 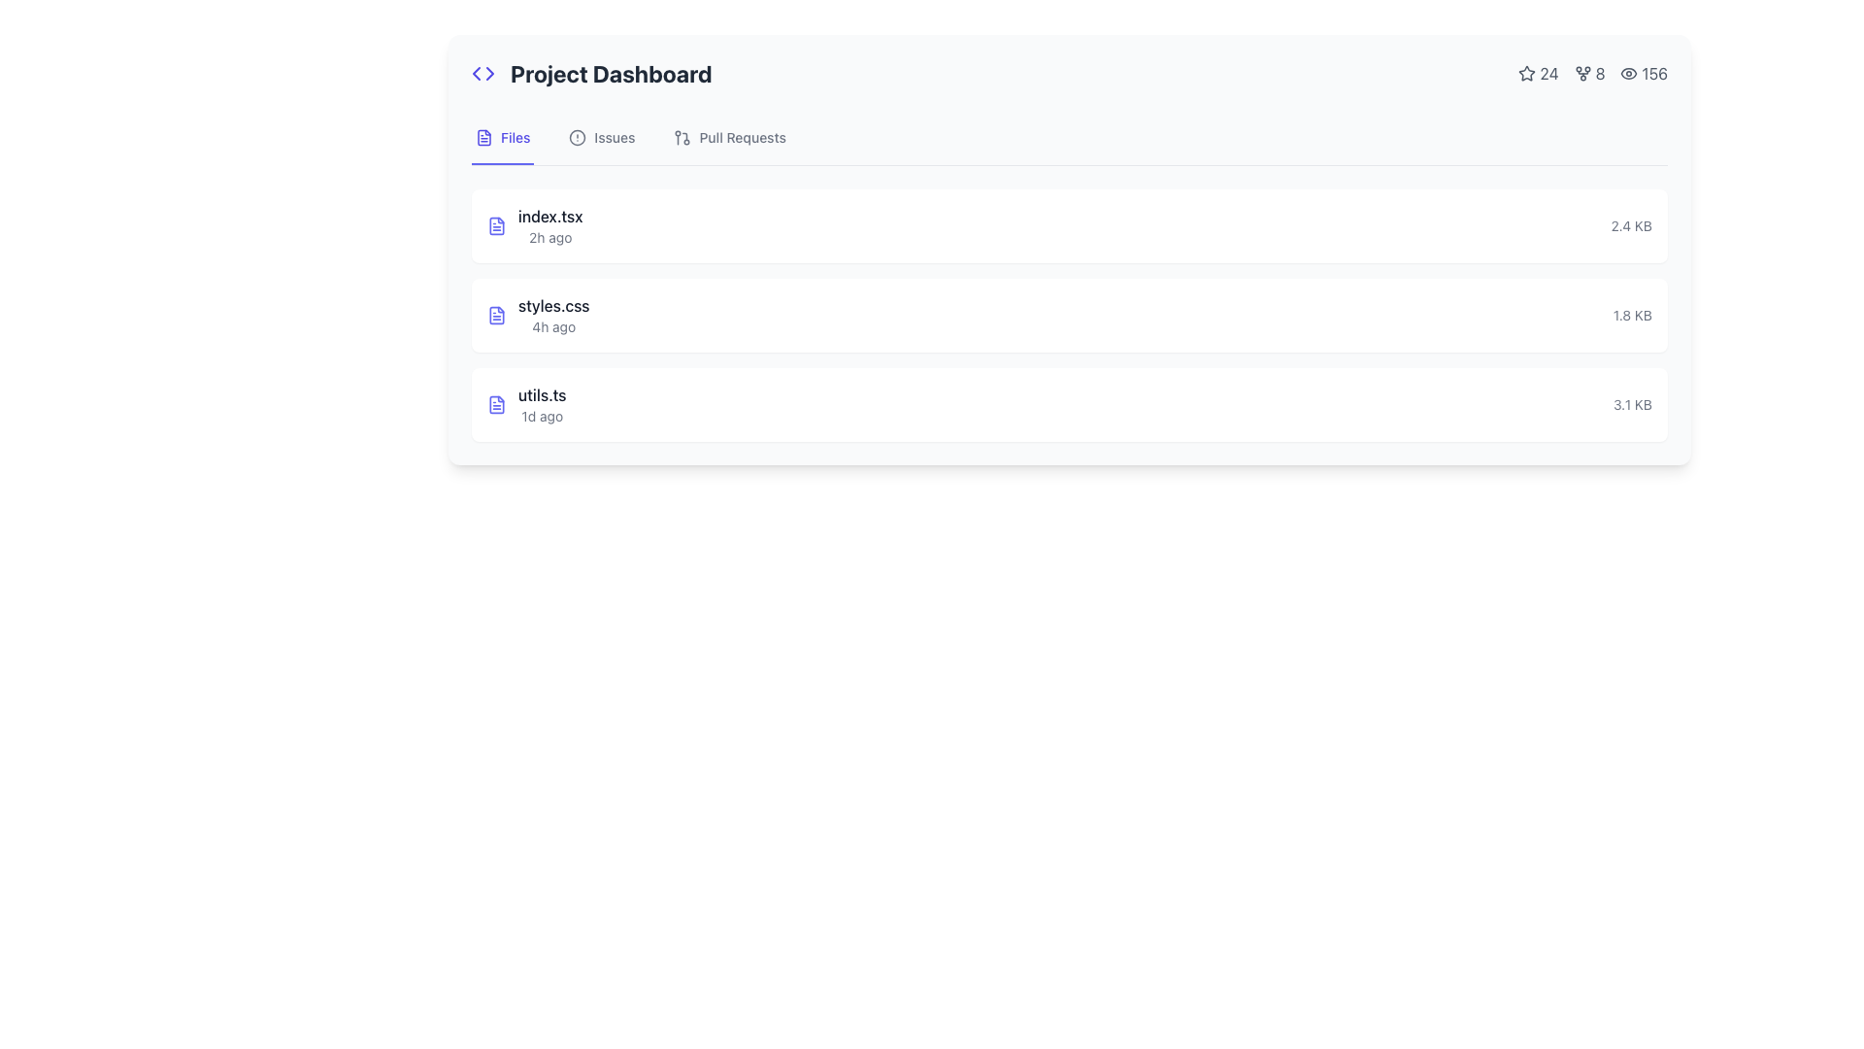 What do you see at coordinates (1631, 314) in the screenshot?
I see `the Label displaying the size of the 'styles.css' file, which is positioned to the far-right in a flex layout, aligned horizontally with the file name` at bounding box center [1631, 314].